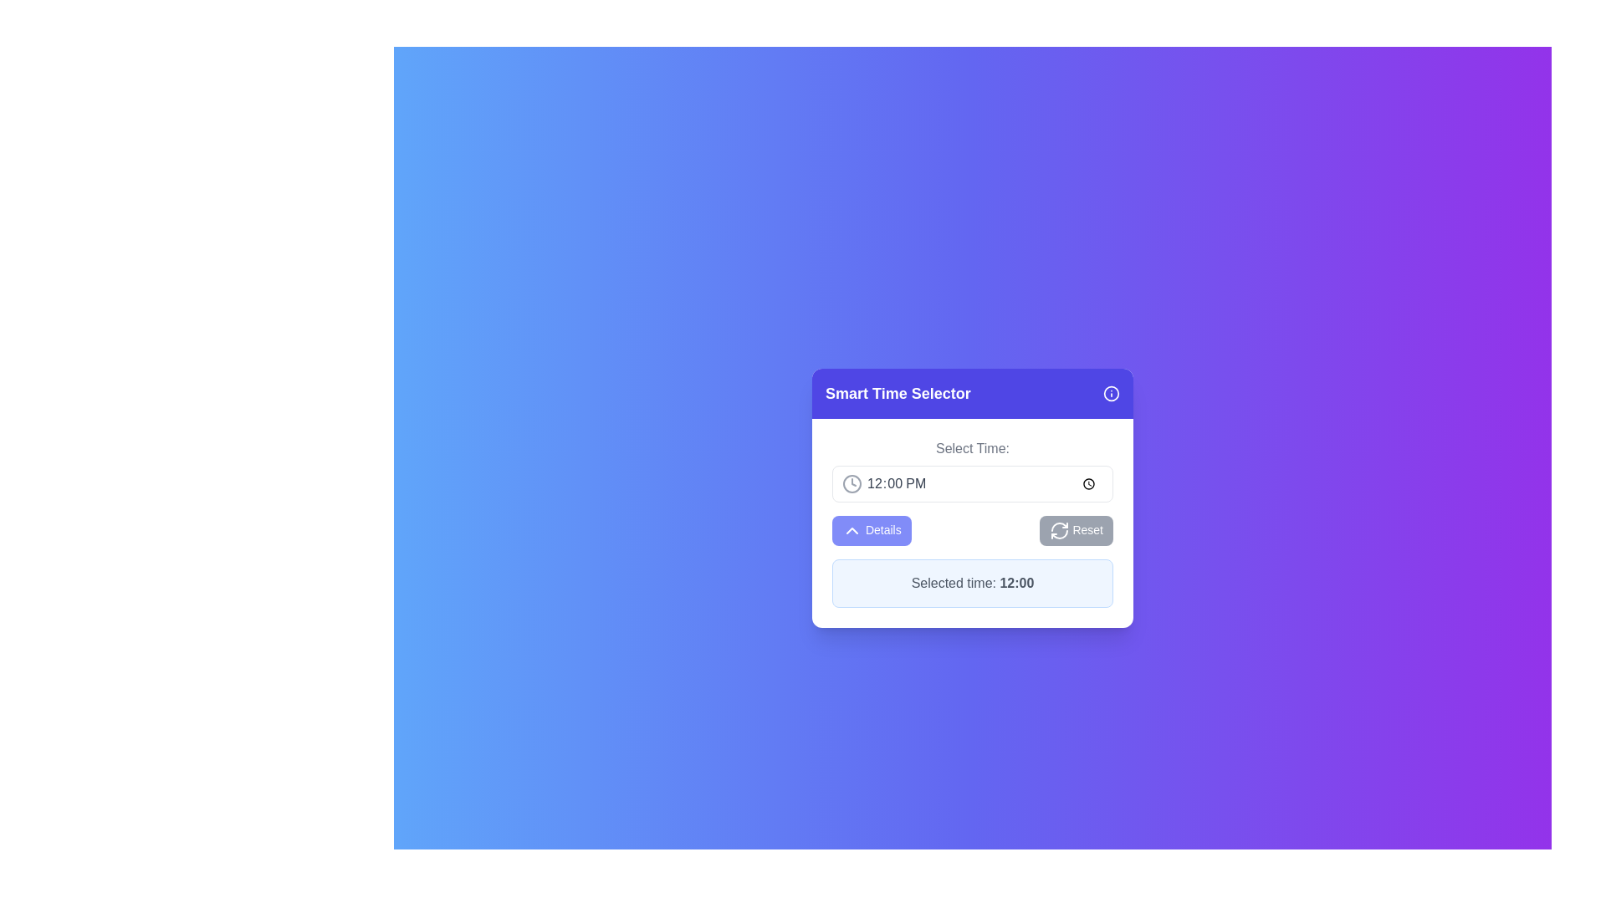 This screenshot has width=1606, height=903. Describe the element at coordinates (852, 531) in the screenshot. I see `the upward-pointing chevron-shaped icon located above the 'Details' button text, which is positioned at the center of the button` at that location.